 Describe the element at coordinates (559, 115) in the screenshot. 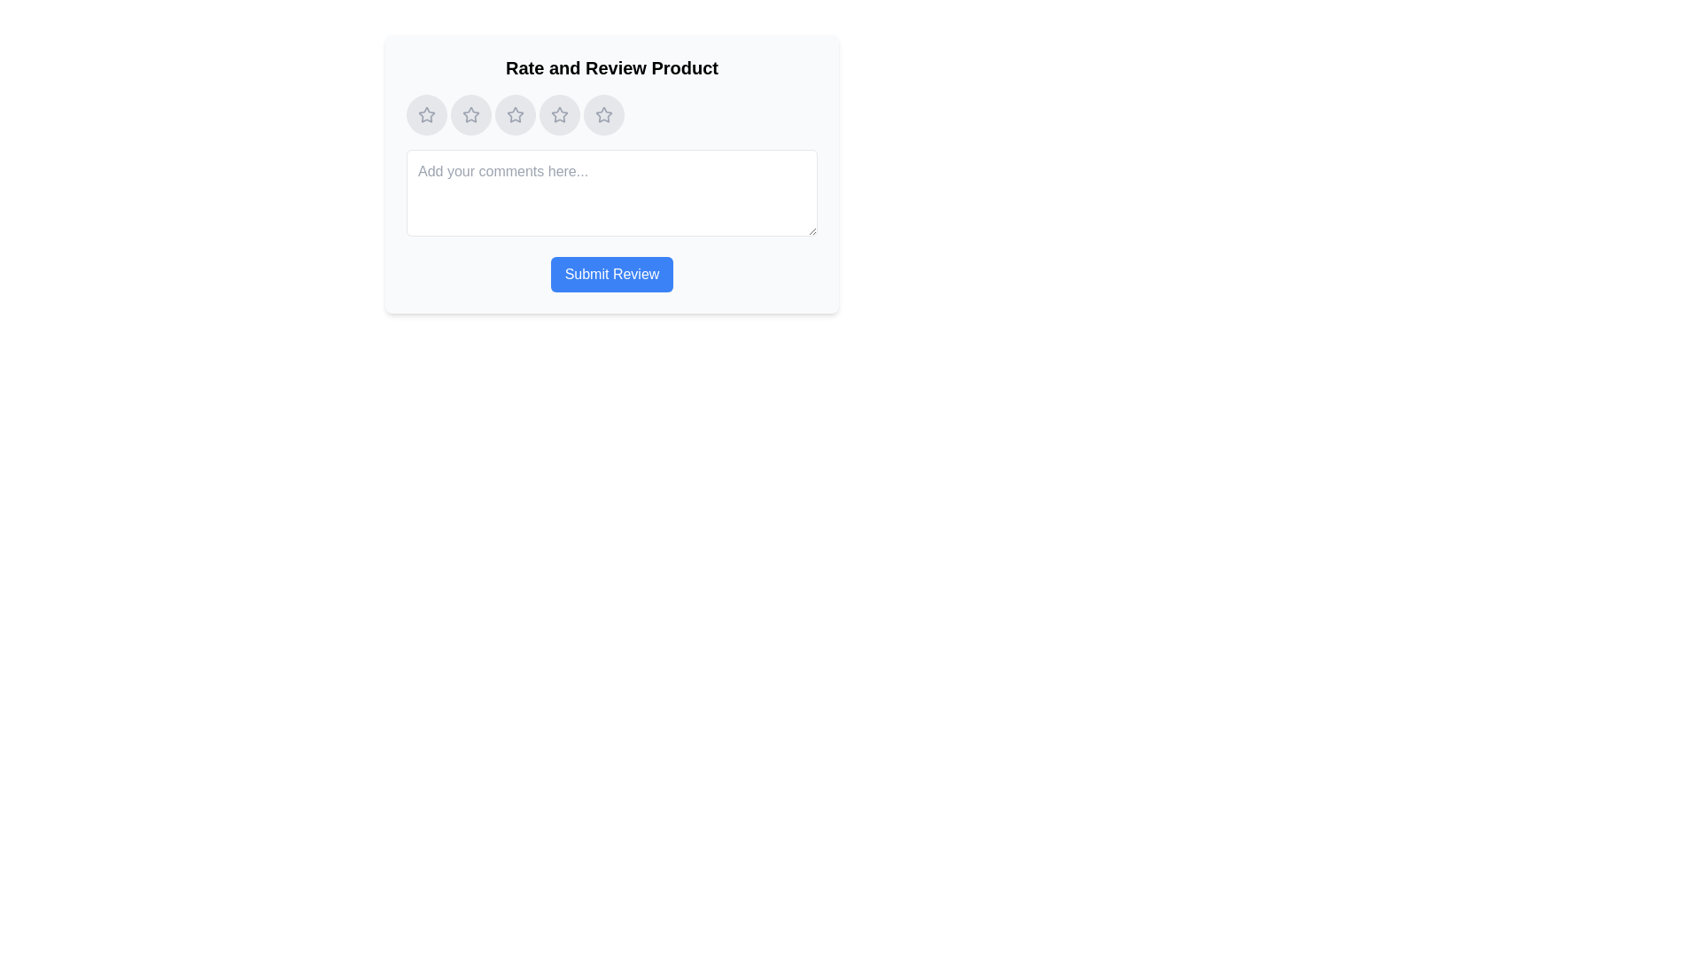

I see `the fourth star-rating button in a five-star system` at that location.